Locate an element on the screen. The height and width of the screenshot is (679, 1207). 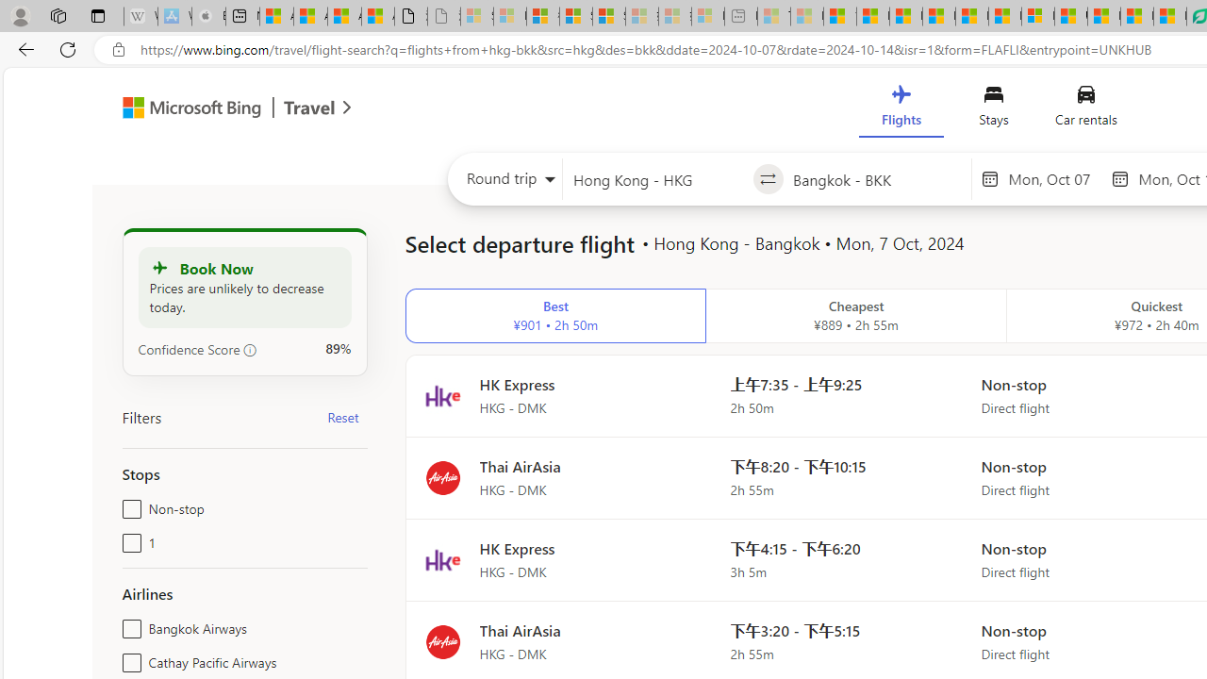
'Going to?' is located at coordinates (876, 179).